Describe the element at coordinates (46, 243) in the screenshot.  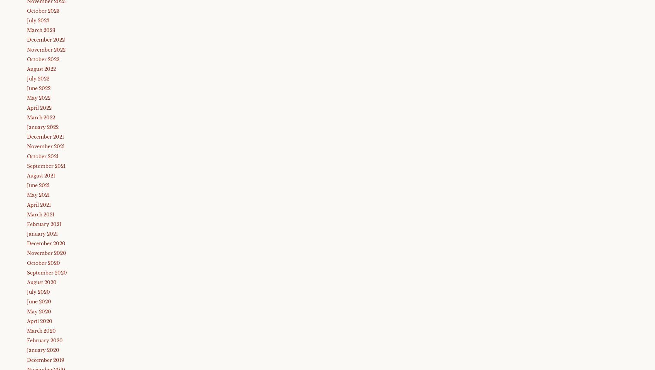
I see `'December 2020'` at that location.